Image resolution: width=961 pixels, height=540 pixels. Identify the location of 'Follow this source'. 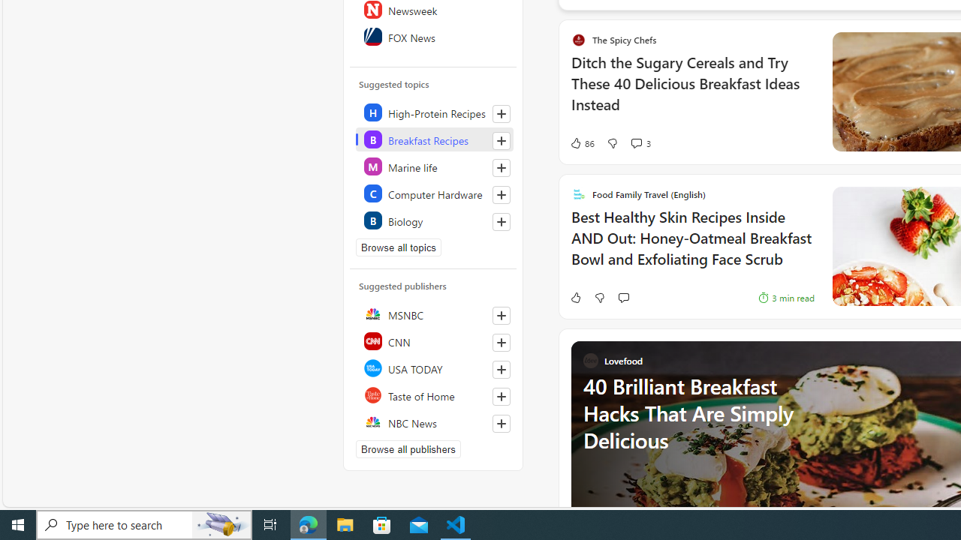
(501, 423).